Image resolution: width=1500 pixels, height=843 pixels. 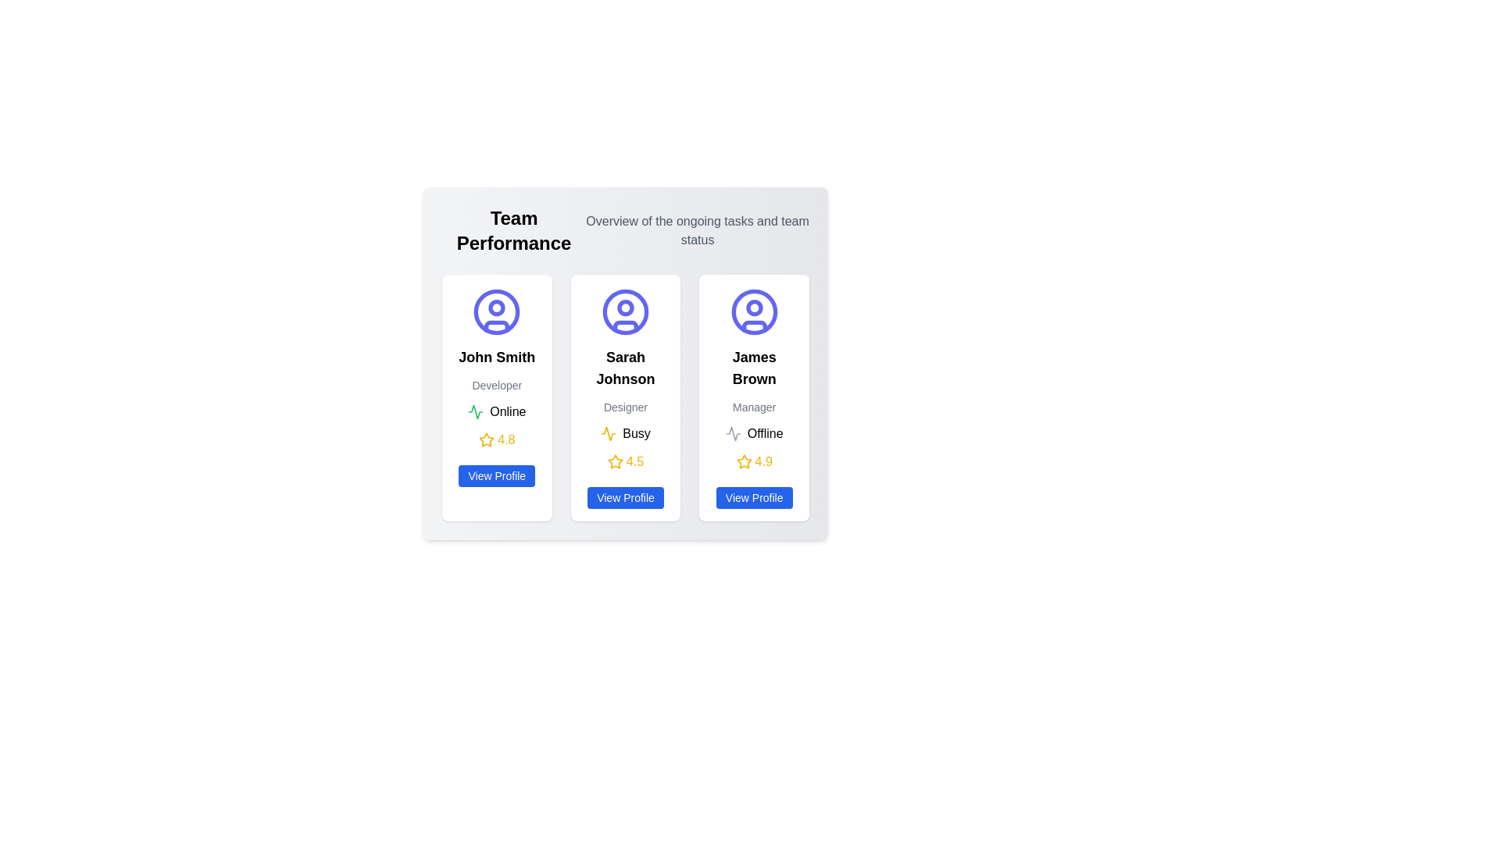 I want to click on the job title label indicating the role associated with the profile of John Smith, which is located beneath his name and above the status indicator 'Online', so click(x=496, y=385).